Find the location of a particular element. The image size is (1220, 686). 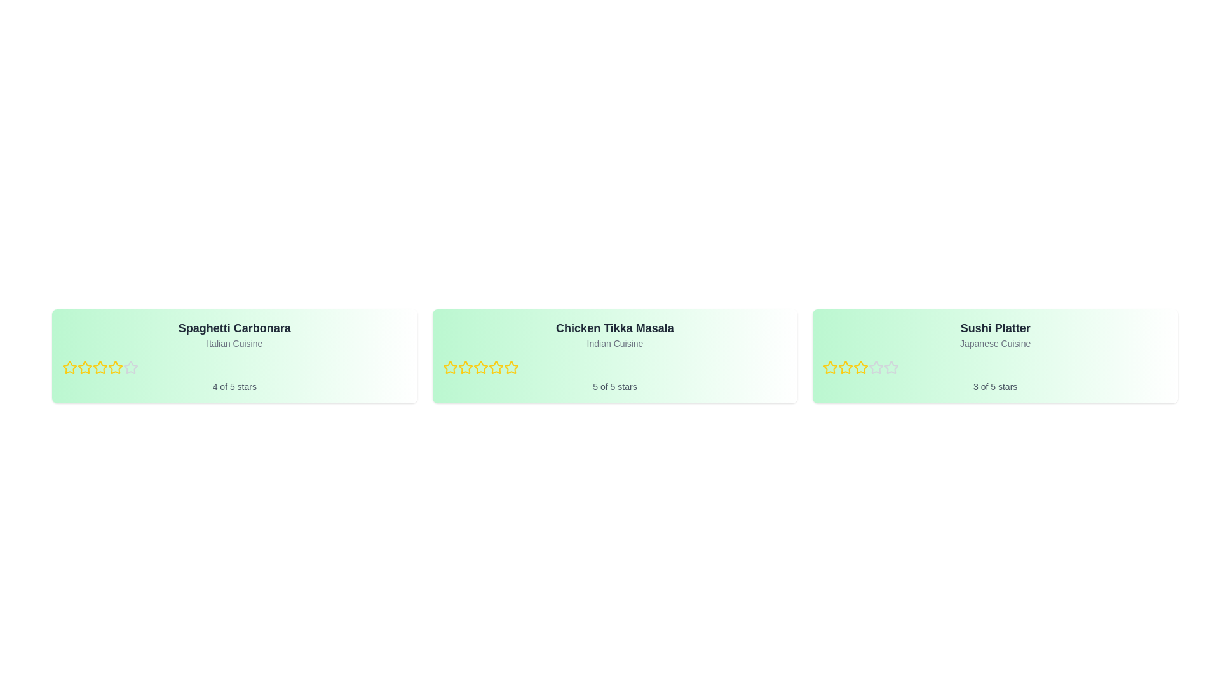

the dish card for Chicken Tikka Masala is located at coordinates (615, 356).